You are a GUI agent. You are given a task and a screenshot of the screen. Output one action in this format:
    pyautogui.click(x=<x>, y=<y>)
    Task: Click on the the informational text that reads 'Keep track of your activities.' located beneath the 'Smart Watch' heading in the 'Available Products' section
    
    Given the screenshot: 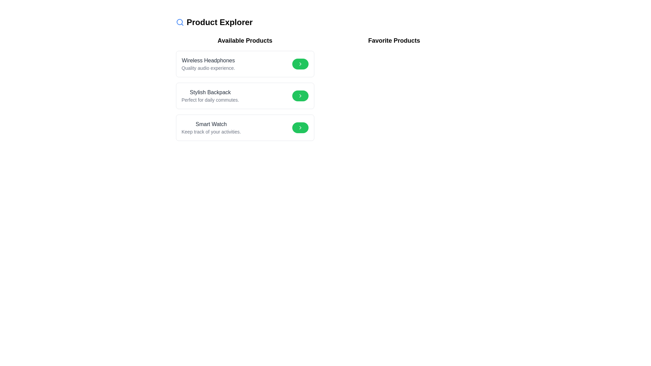 What is the action you would take?
    pyautogui.click(x=211, y=132)
    